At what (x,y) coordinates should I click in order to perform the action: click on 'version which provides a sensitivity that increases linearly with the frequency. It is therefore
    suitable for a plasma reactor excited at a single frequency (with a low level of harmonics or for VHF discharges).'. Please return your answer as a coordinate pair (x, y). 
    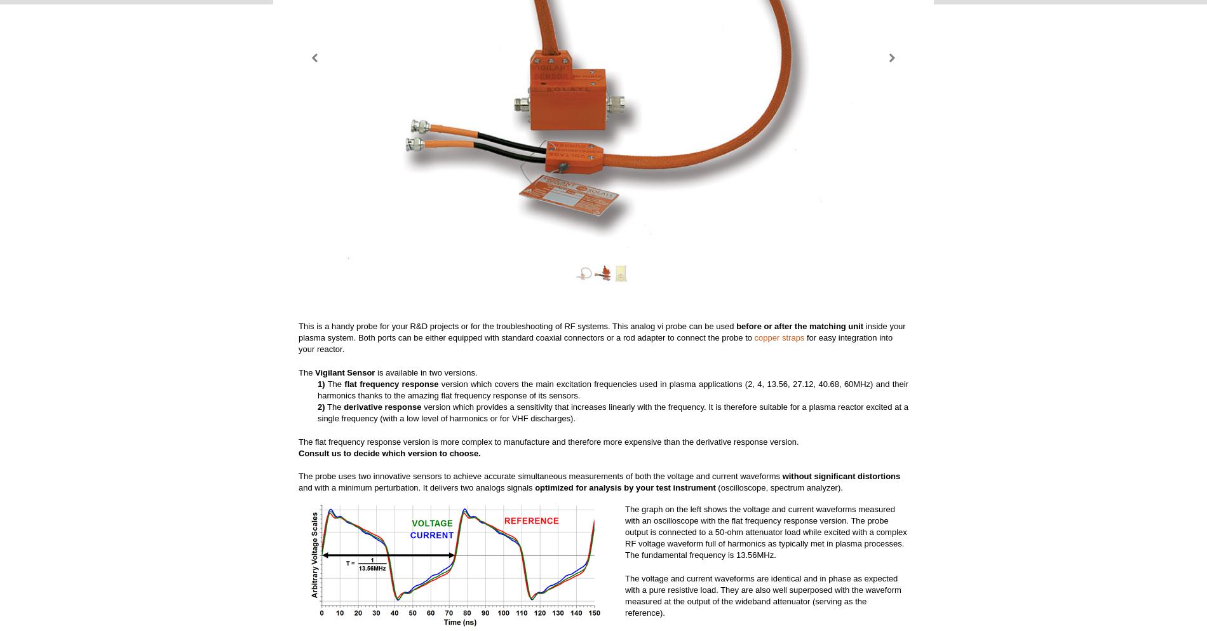
    Looking at the image, I should click on (318, 412).